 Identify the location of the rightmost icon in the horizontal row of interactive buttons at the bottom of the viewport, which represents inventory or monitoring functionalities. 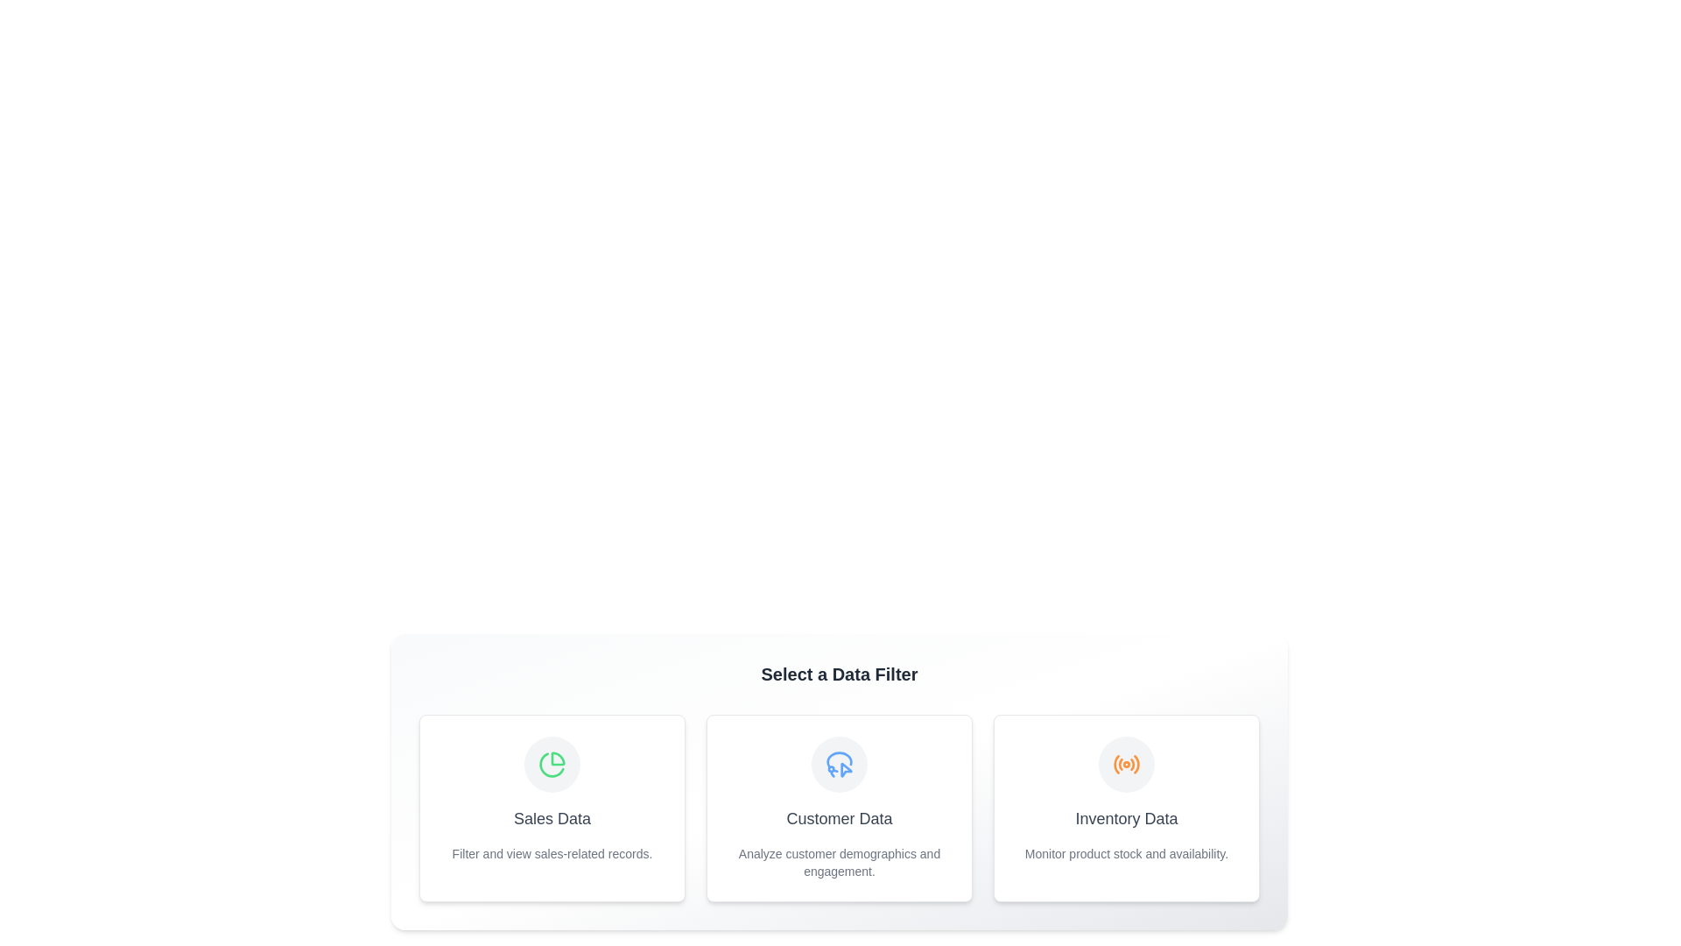
(1126, 763).